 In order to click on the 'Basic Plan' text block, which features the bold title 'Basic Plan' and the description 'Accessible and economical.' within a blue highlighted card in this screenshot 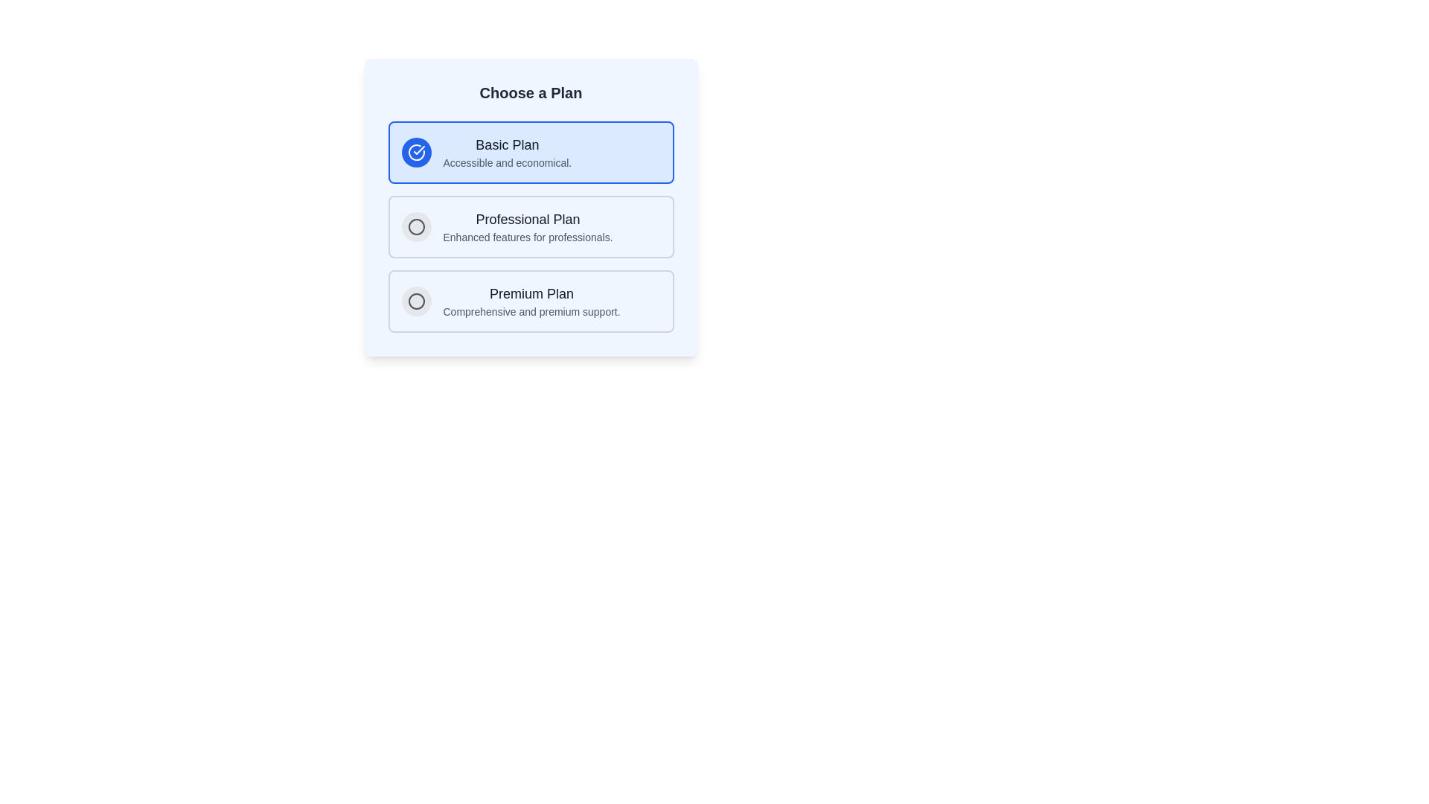, I will do `click(507, 152)`.